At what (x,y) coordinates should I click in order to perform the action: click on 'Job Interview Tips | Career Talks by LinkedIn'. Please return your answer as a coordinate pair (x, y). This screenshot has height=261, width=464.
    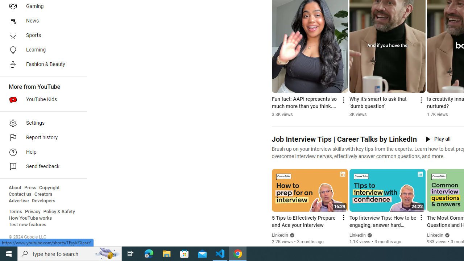
    Looking at the image, I should click on (344, 139).